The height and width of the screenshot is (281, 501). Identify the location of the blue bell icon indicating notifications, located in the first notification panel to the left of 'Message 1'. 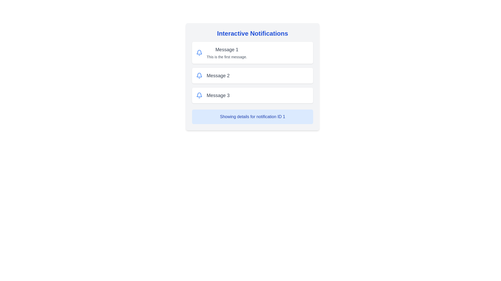
(199, 53).